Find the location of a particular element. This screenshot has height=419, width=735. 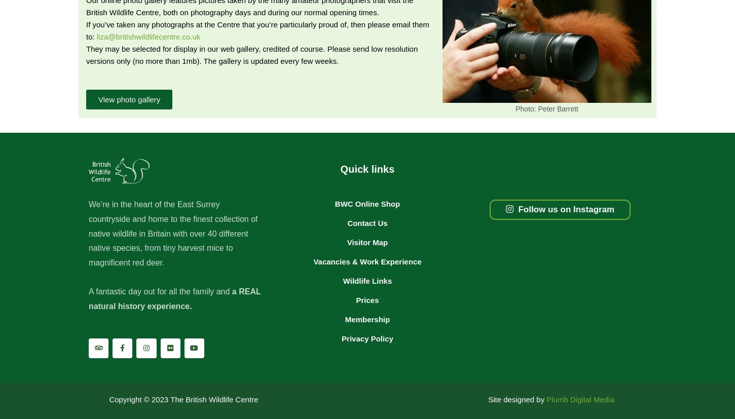

'A fantastic day out for all the family and' is located at coordinates (88, 291).